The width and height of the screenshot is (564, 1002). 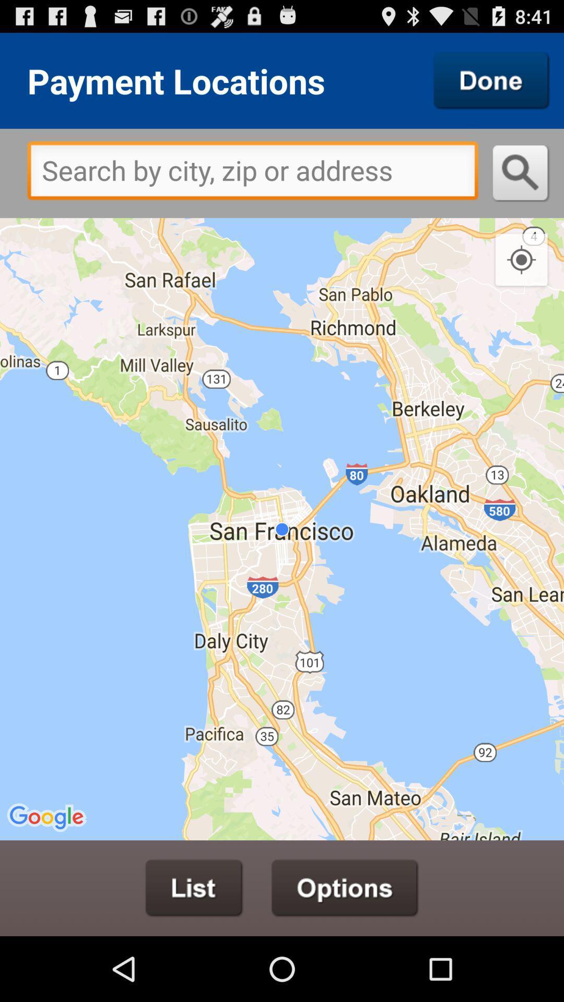 I want to click on the location_crosshair icon, so click(x=521, y=279).